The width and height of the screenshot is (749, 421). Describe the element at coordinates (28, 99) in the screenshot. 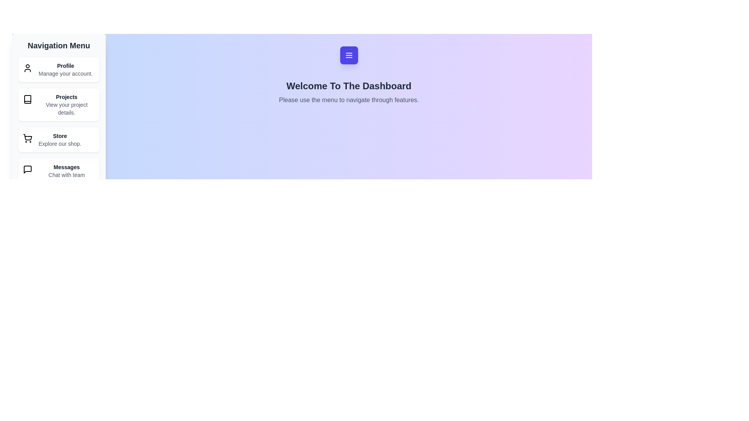

I see `the icon corresponding to Projects in the navigation menu` at that location.